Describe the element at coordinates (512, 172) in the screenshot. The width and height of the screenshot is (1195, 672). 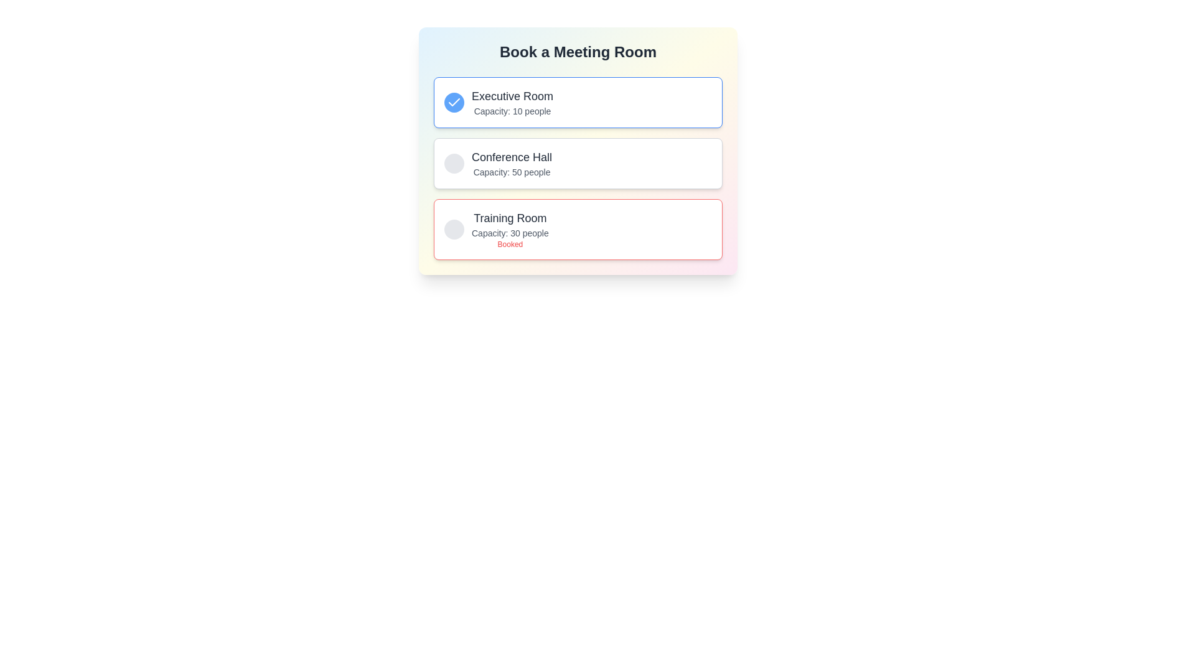
I see `the text label indicating the maximum capacity of people for the 'Conference Hall' located below the title in the second option block of meeting rooms` at that location.